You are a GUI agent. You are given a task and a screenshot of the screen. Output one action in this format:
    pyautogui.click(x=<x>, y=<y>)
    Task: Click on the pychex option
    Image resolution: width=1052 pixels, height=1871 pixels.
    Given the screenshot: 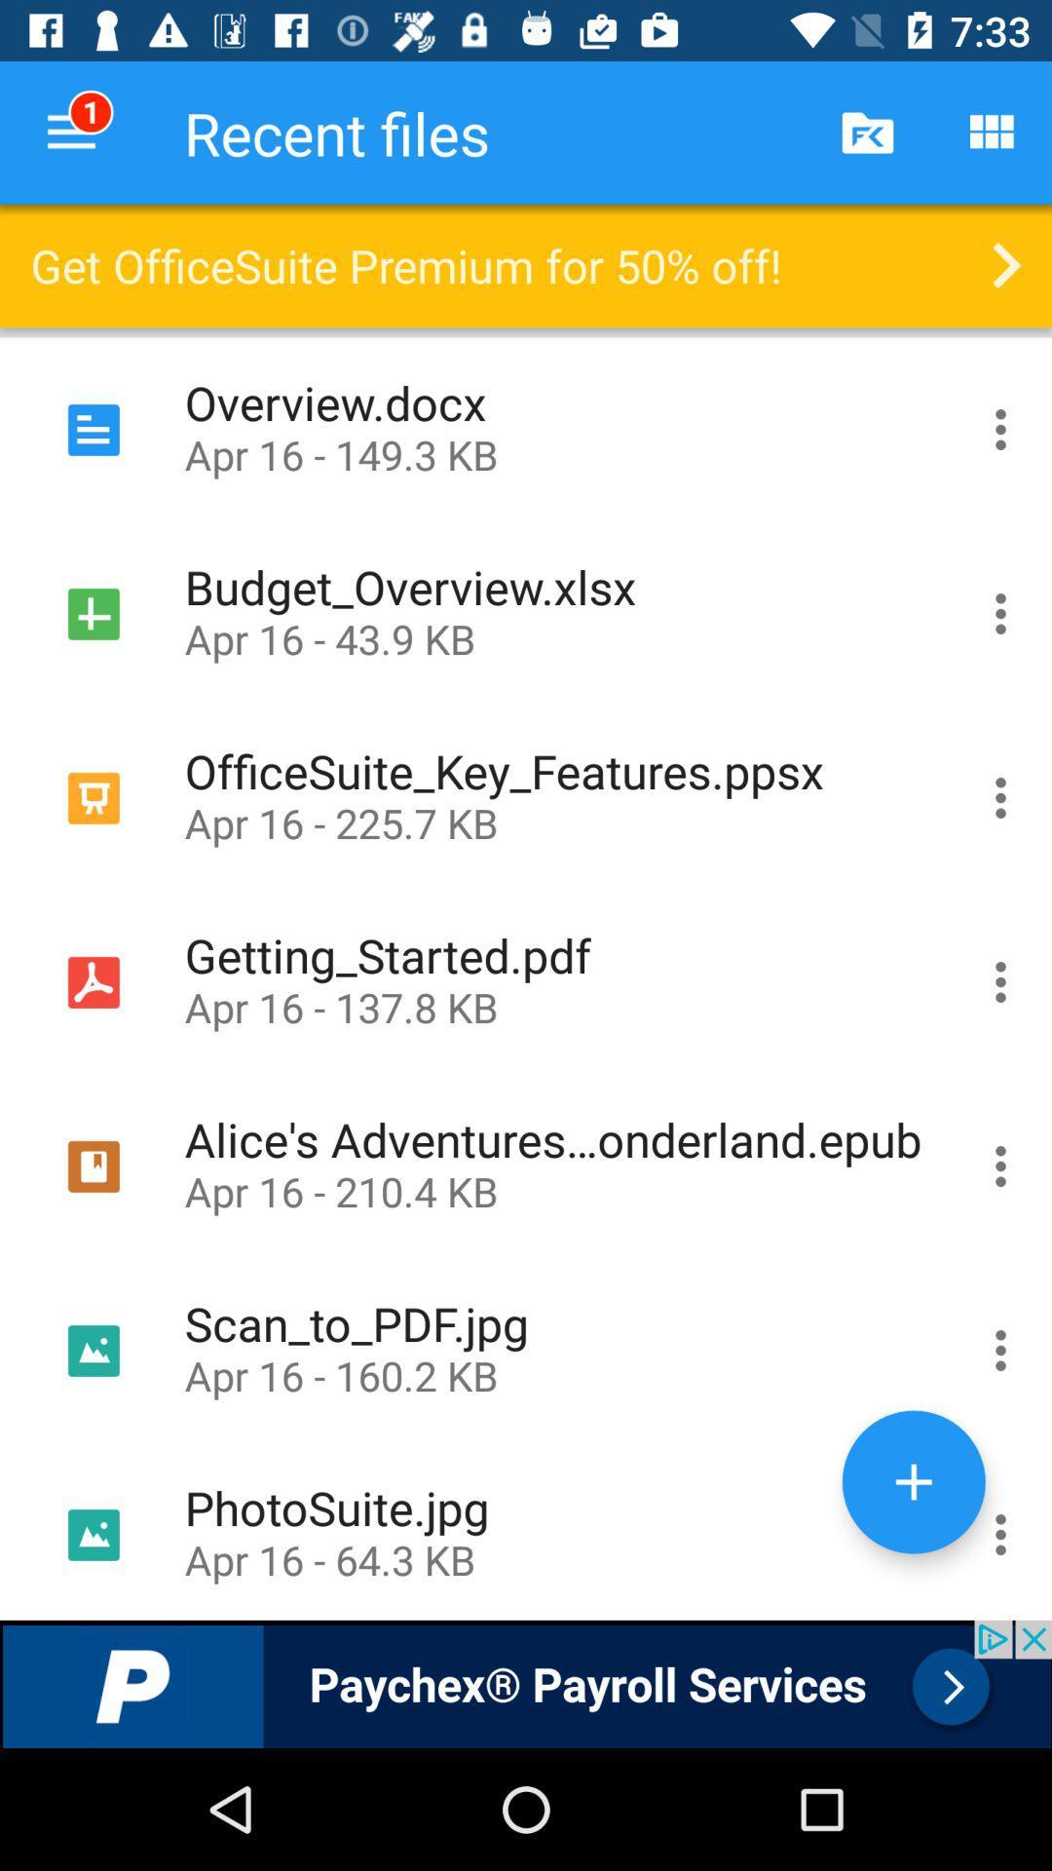 What is the action you would take?
    pyautogui.click(x=526, y=1683)
    